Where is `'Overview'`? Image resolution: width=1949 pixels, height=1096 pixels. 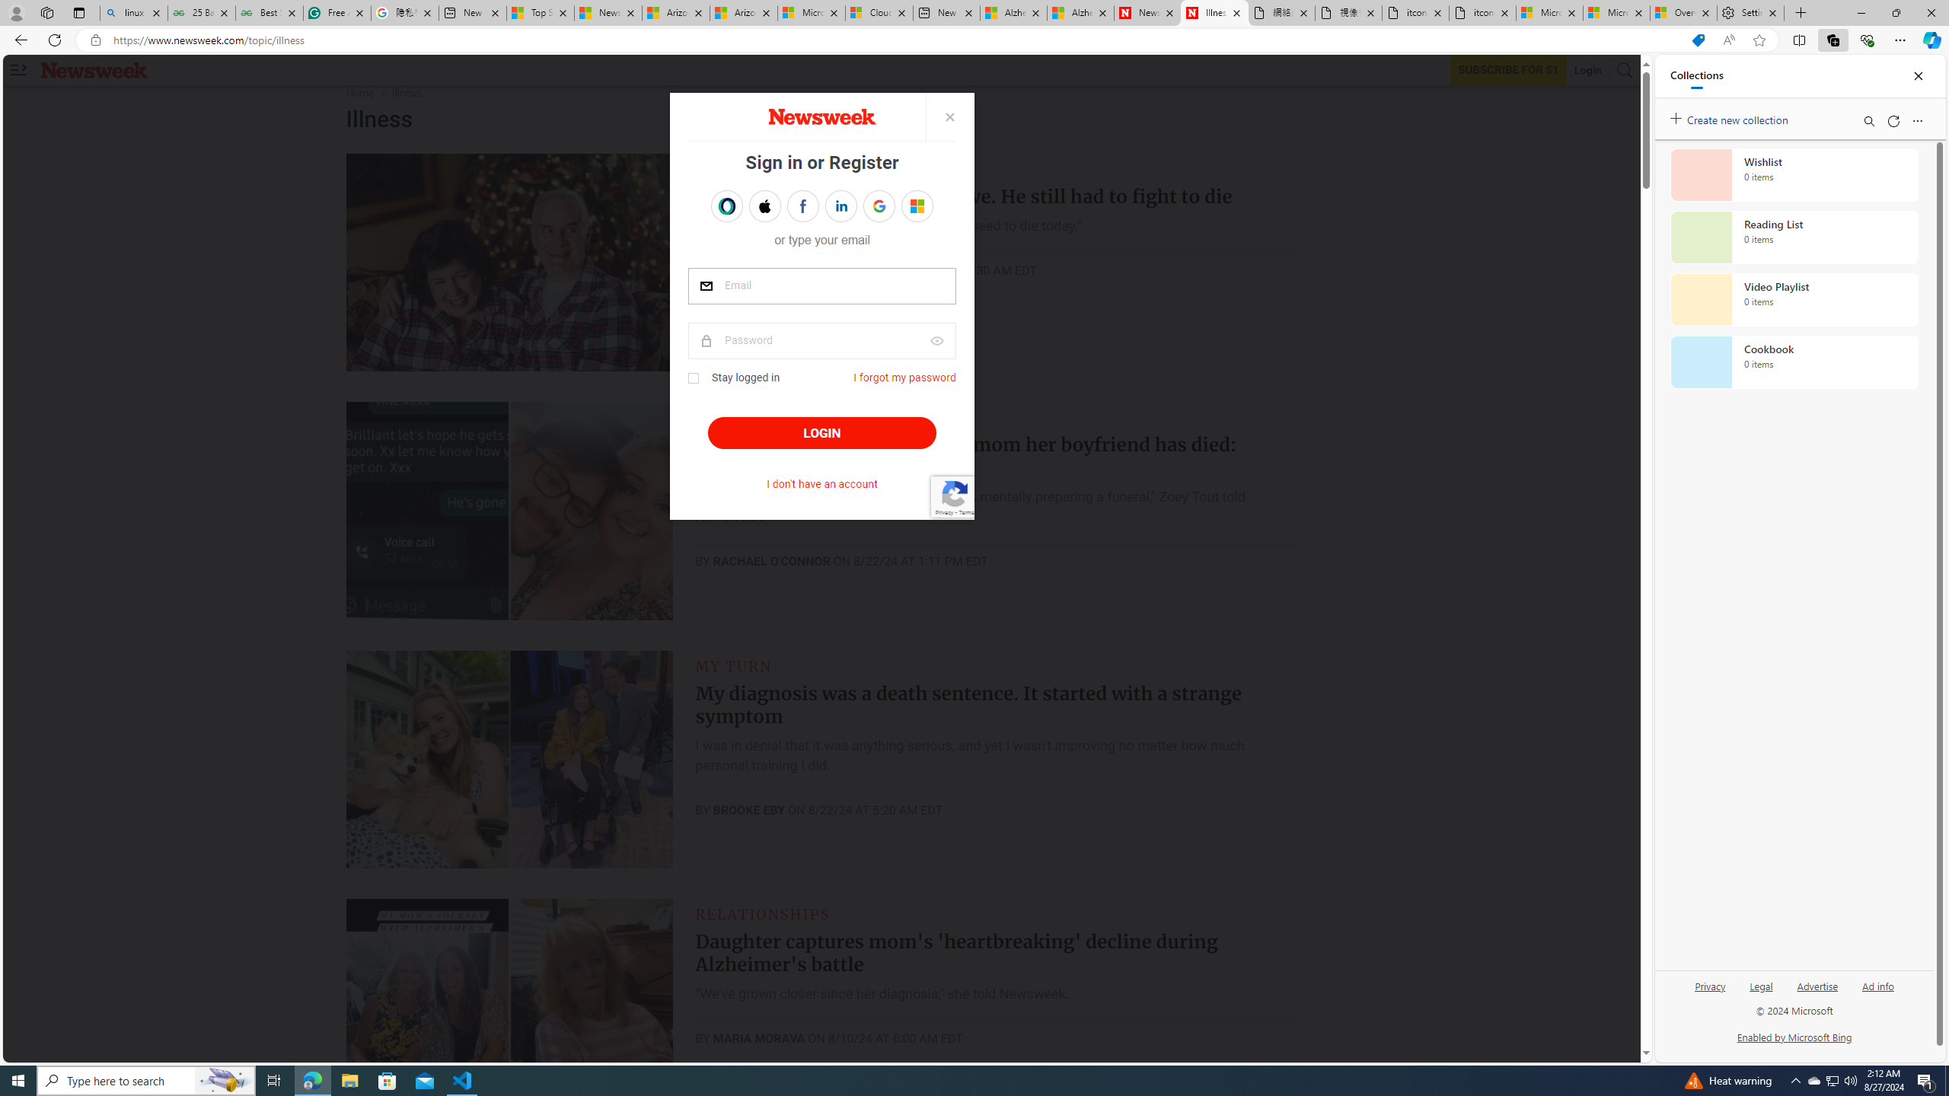
'Overview' is located at coordinates (1682, 12).